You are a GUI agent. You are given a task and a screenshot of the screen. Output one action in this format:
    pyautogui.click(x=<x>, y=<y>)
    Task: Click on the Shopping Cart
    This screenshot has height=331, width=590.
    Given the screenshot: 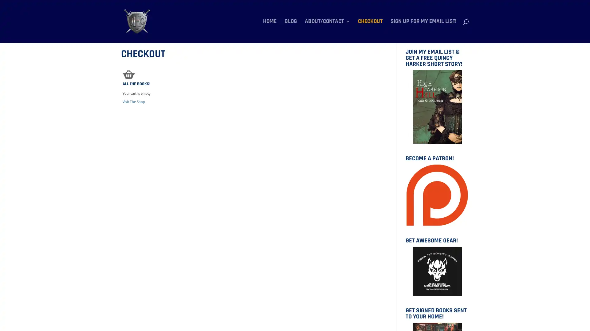 What is the action you would take?
    pyautogui.click(x=128, y=74)
    